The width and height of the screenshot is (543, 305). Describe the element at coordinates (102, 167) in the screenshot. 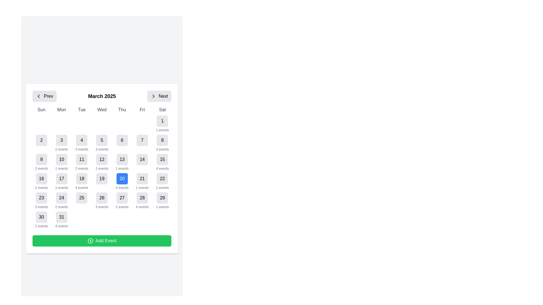

I see `the Calendar Day Cell displaying the day number` at that location.